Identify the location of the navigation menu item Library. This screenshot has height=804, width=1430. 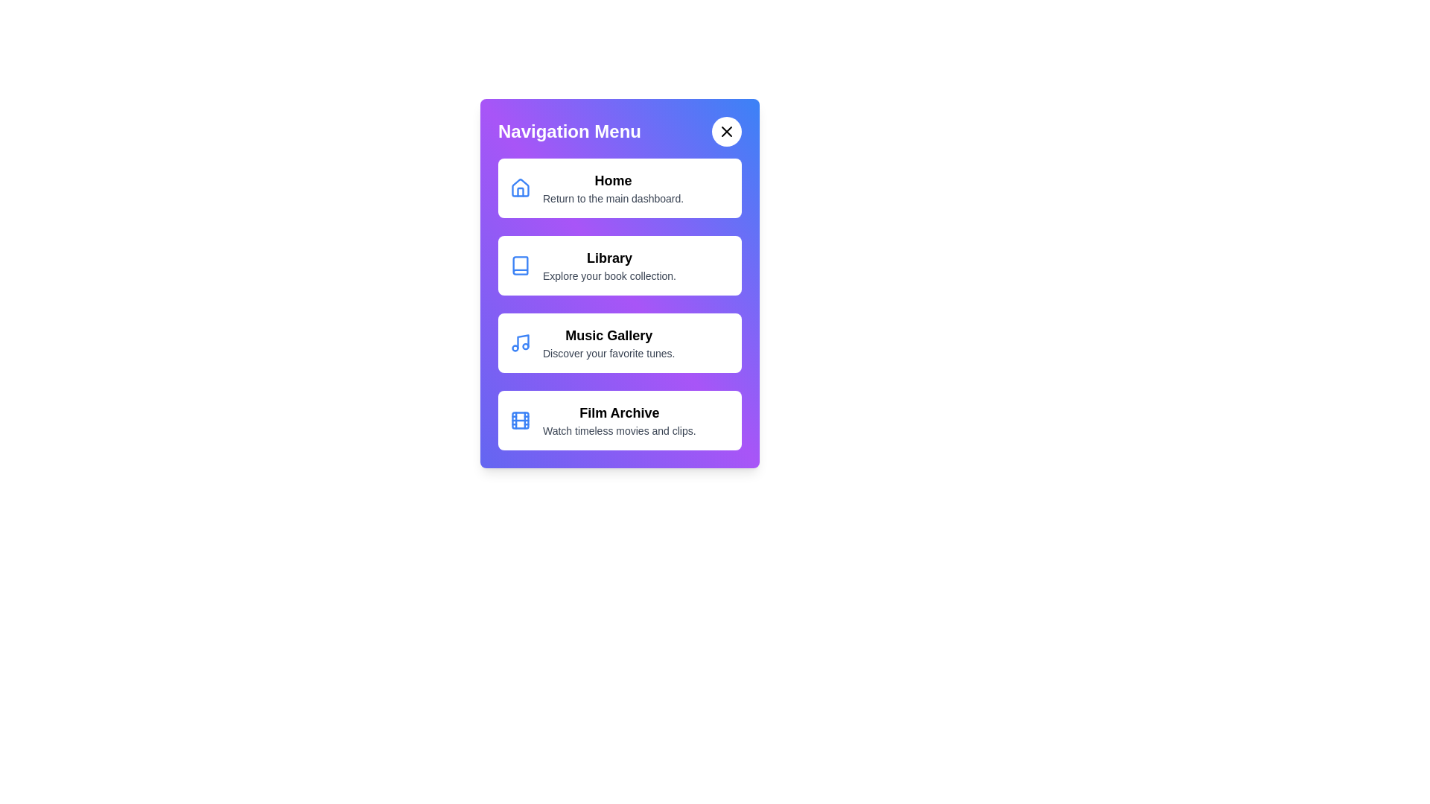
(620, 265).